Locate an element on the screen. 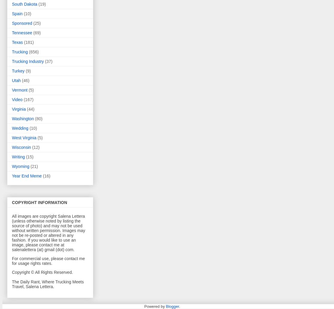 The image size is (334, 309). '(12)' is located at coordinates (32, 147).